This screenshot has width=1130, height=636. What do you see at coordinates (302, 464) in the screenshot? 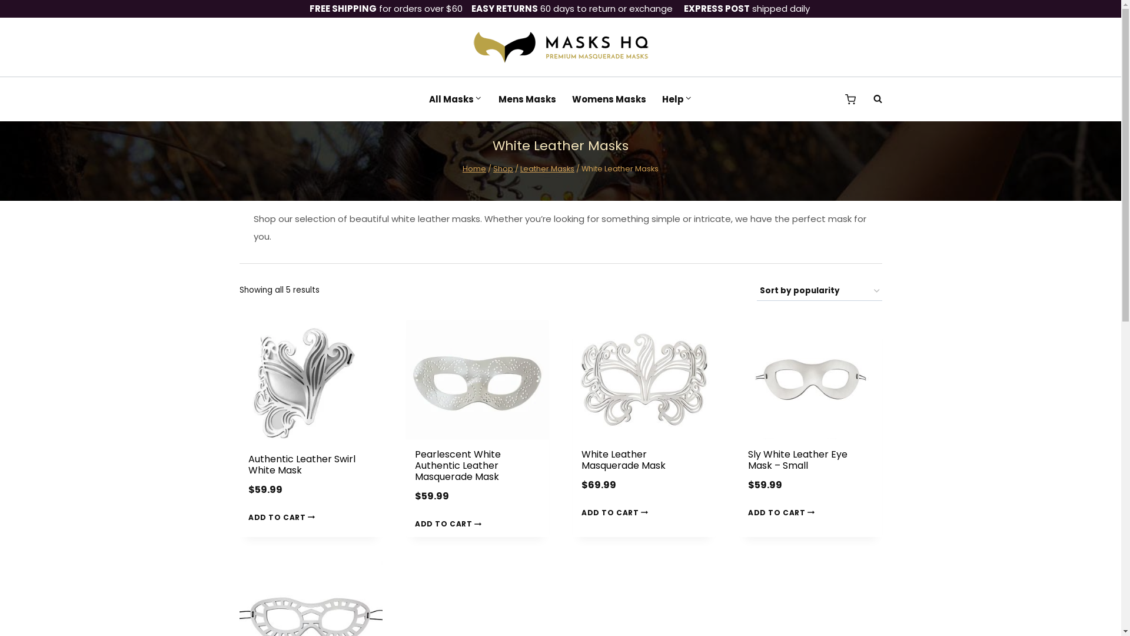
I see `'Authentic Leather Swirl White Mask'` at bounding box center [302, 464].